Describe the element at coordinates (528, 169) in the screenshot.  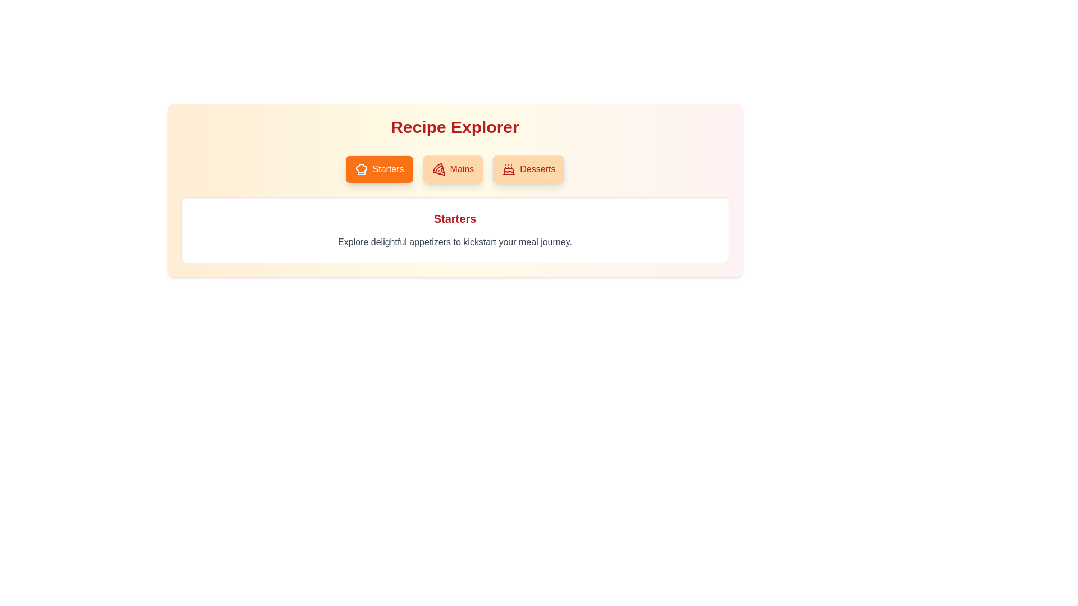
I see `the tab labeled Desserts to view its content` at that location.